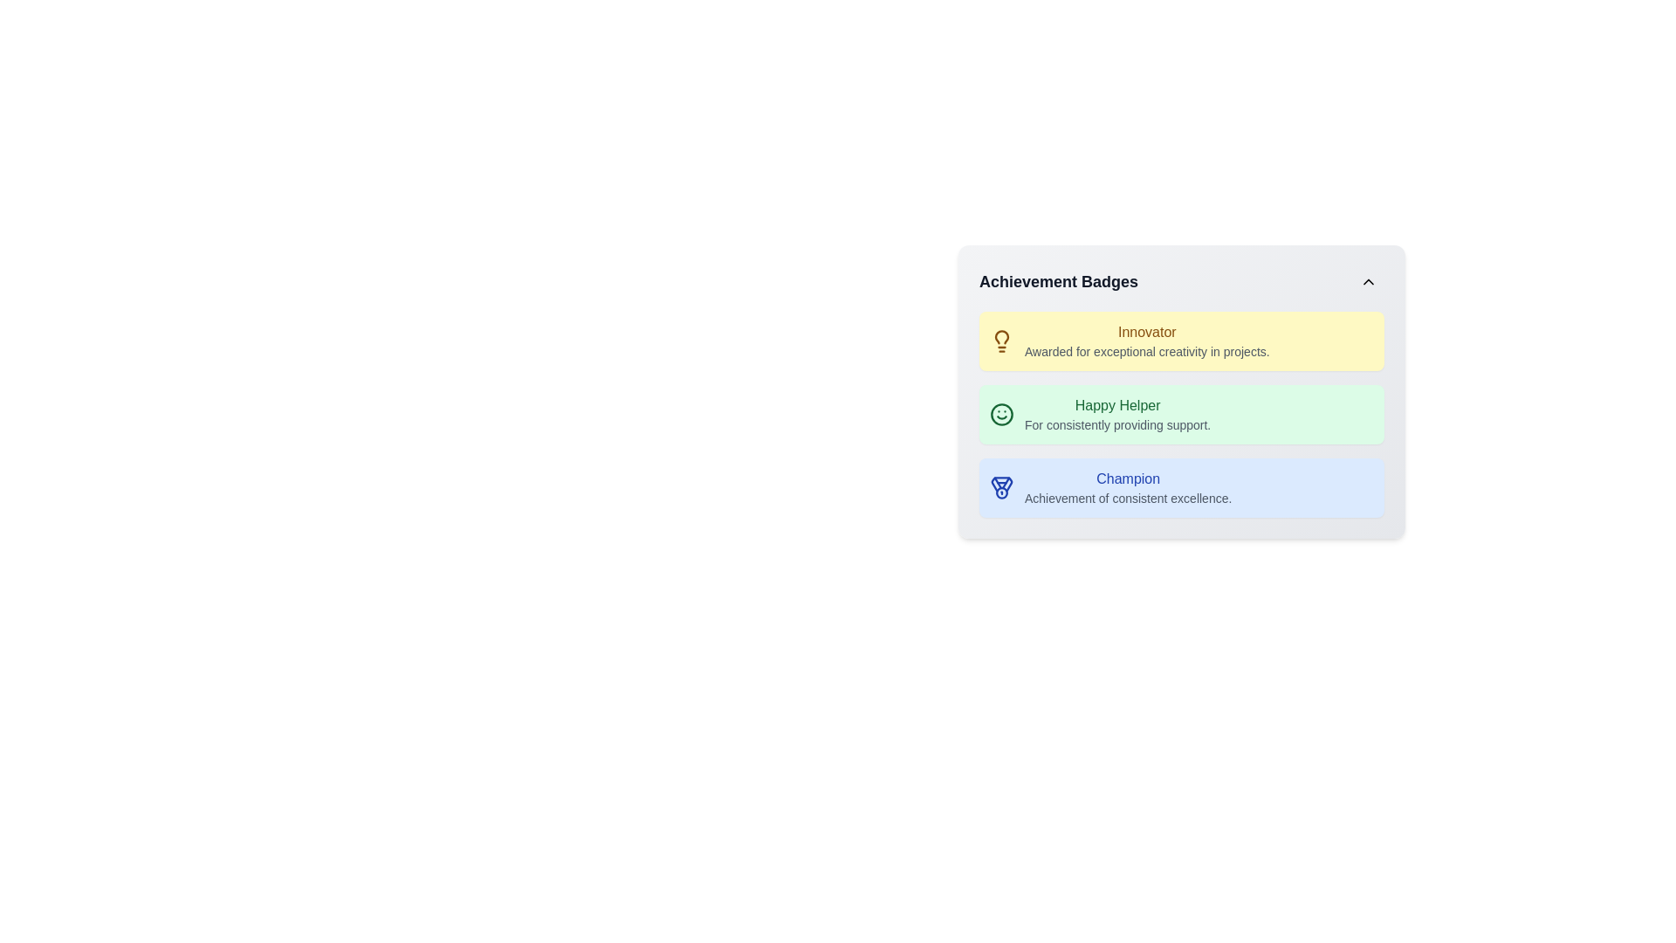 The width and height of the screenshot is (1676, 943). I want to click on text content of the subtitle element stating 'For consistently providing support.' which is located below the 'Happy Helper' title in a card-like section with a light green background, so click(1117, 424).